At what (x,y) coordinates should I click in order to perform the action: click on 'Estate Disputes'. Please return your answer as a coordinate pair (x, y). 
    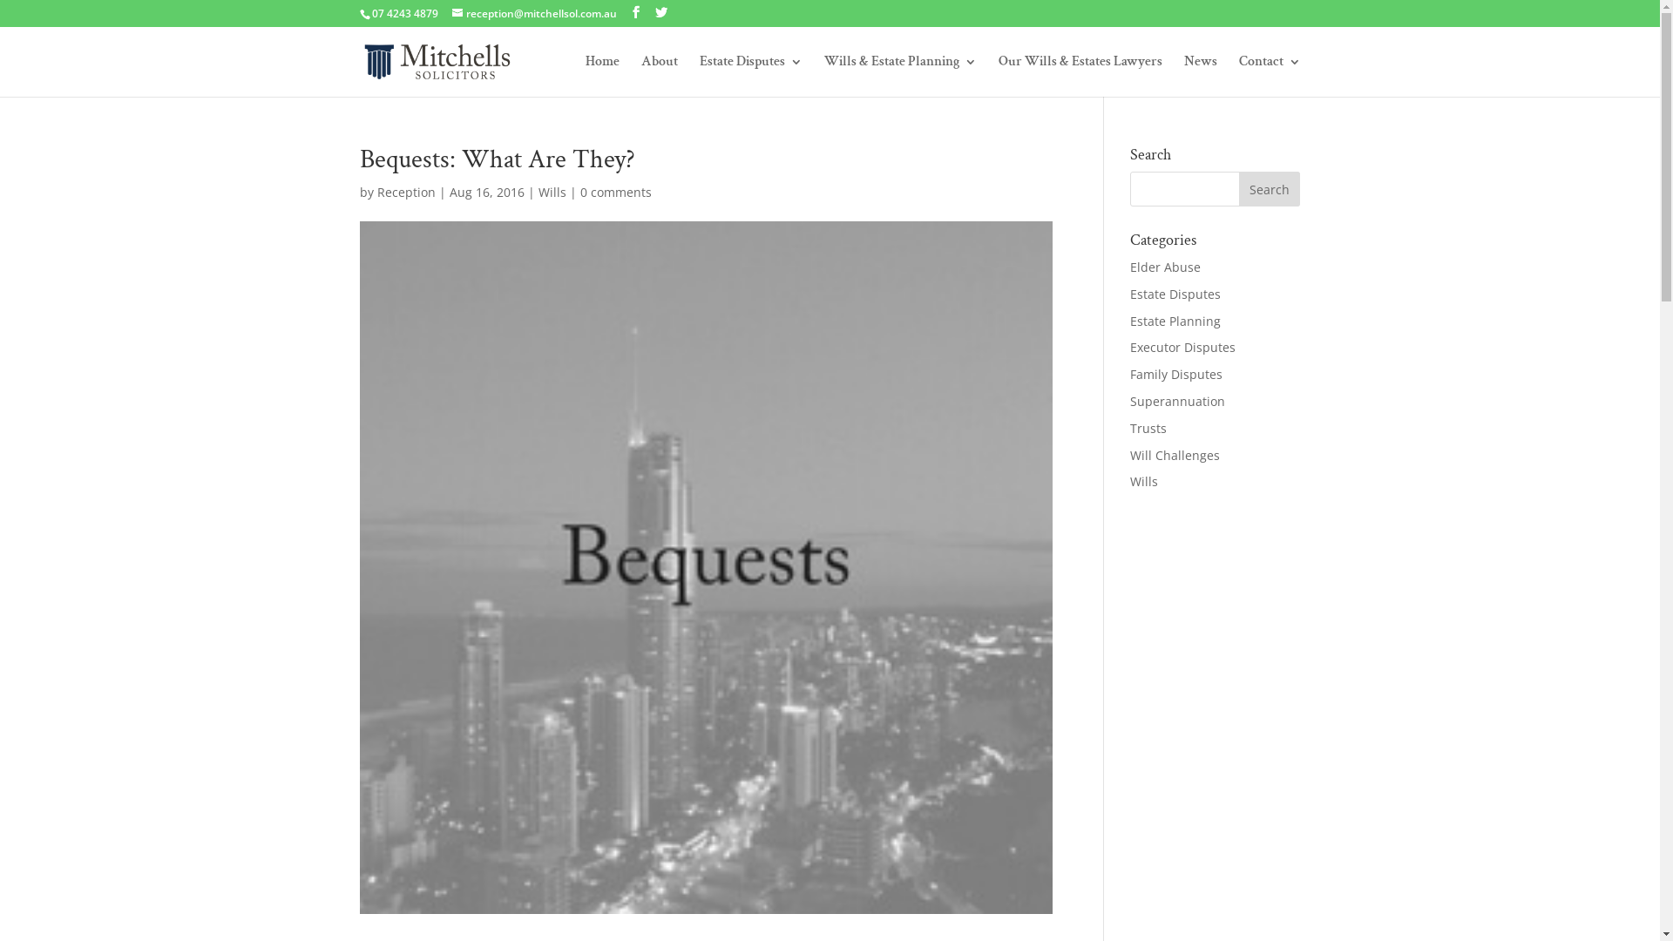
    Looking at the image, I should click on (749, 75).